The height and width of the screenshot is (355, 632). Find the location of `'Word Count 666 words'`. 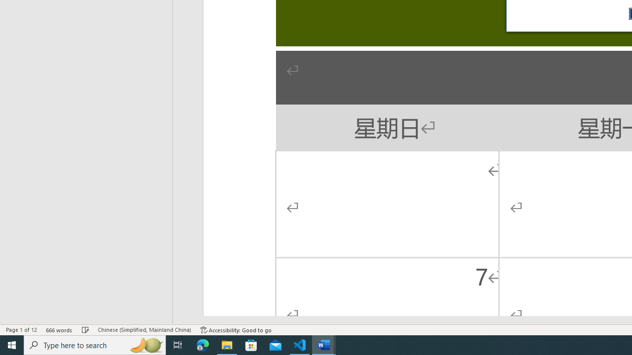

'Word Count 666 words' is located at coordinates (59, 330).